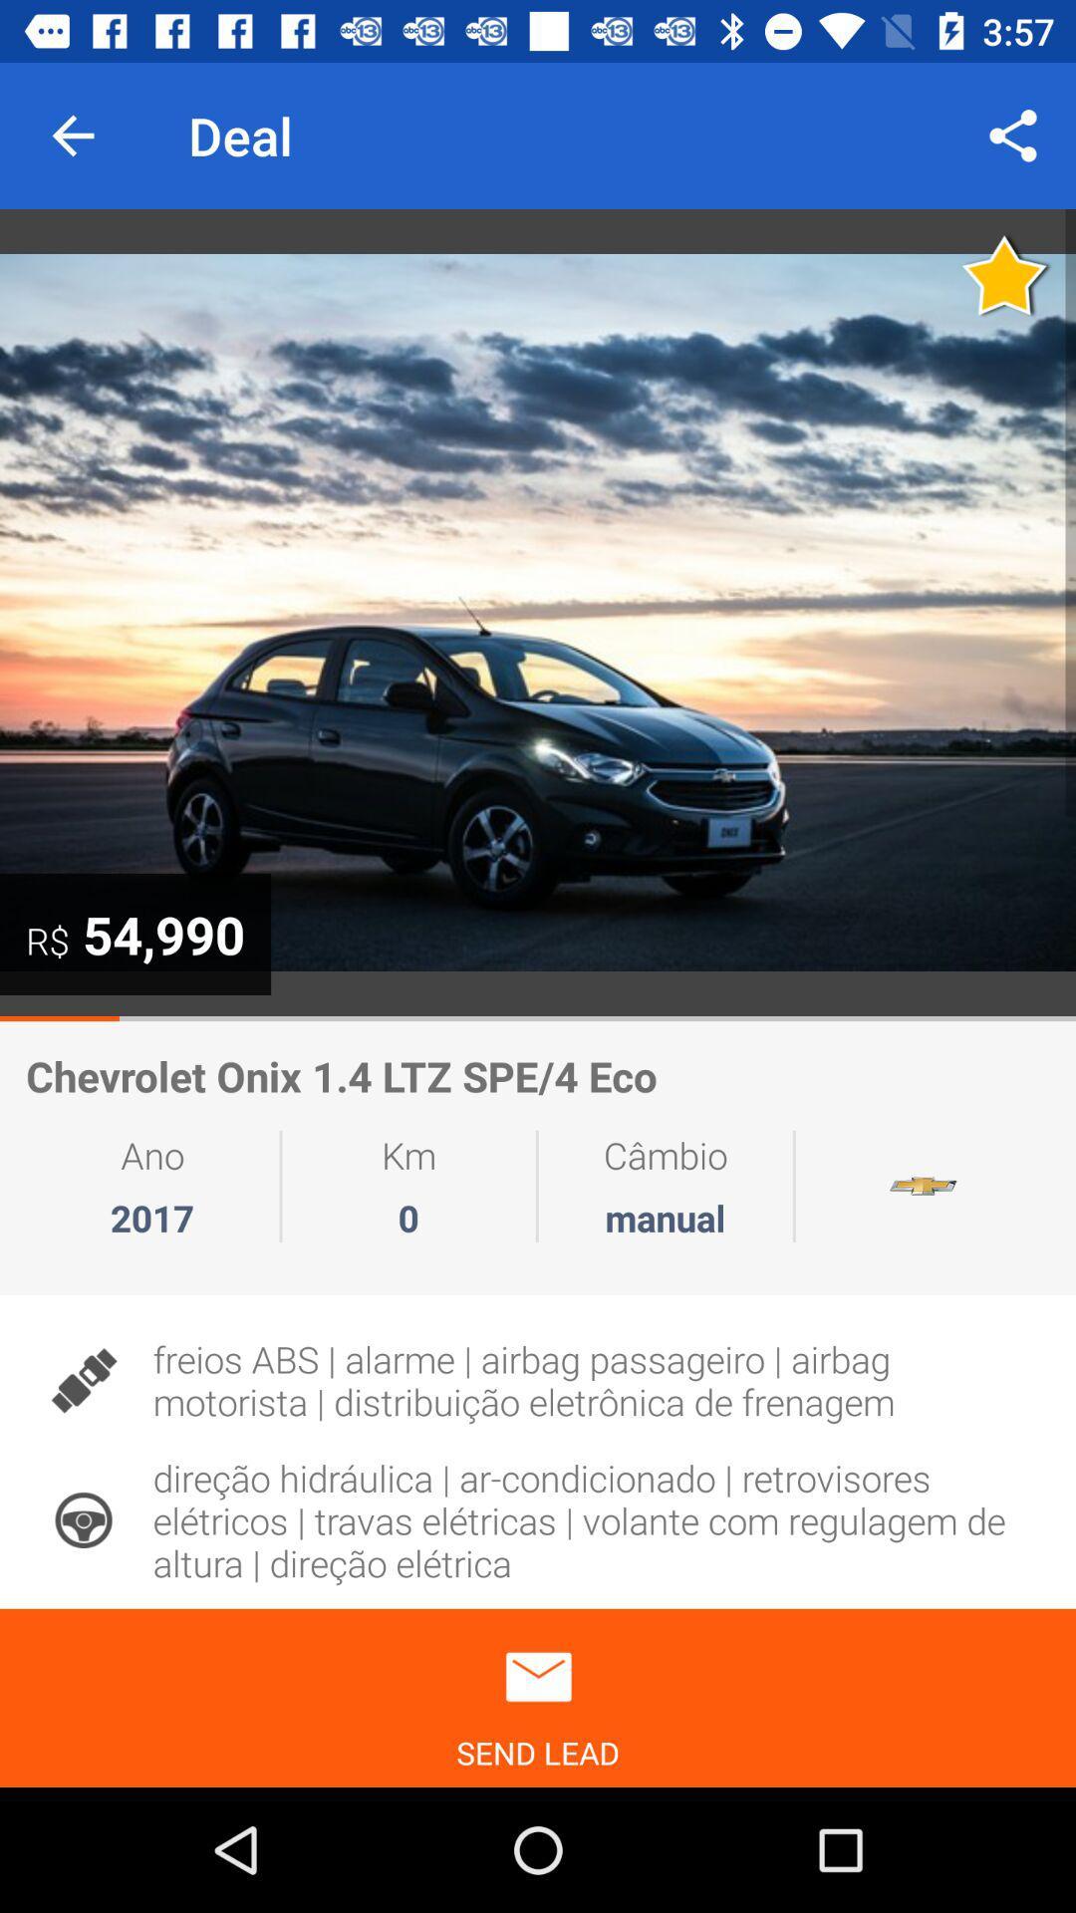 This screenshot has height=1913, width=1076. I want to click on bookmark this deal, so click(1005, 274).